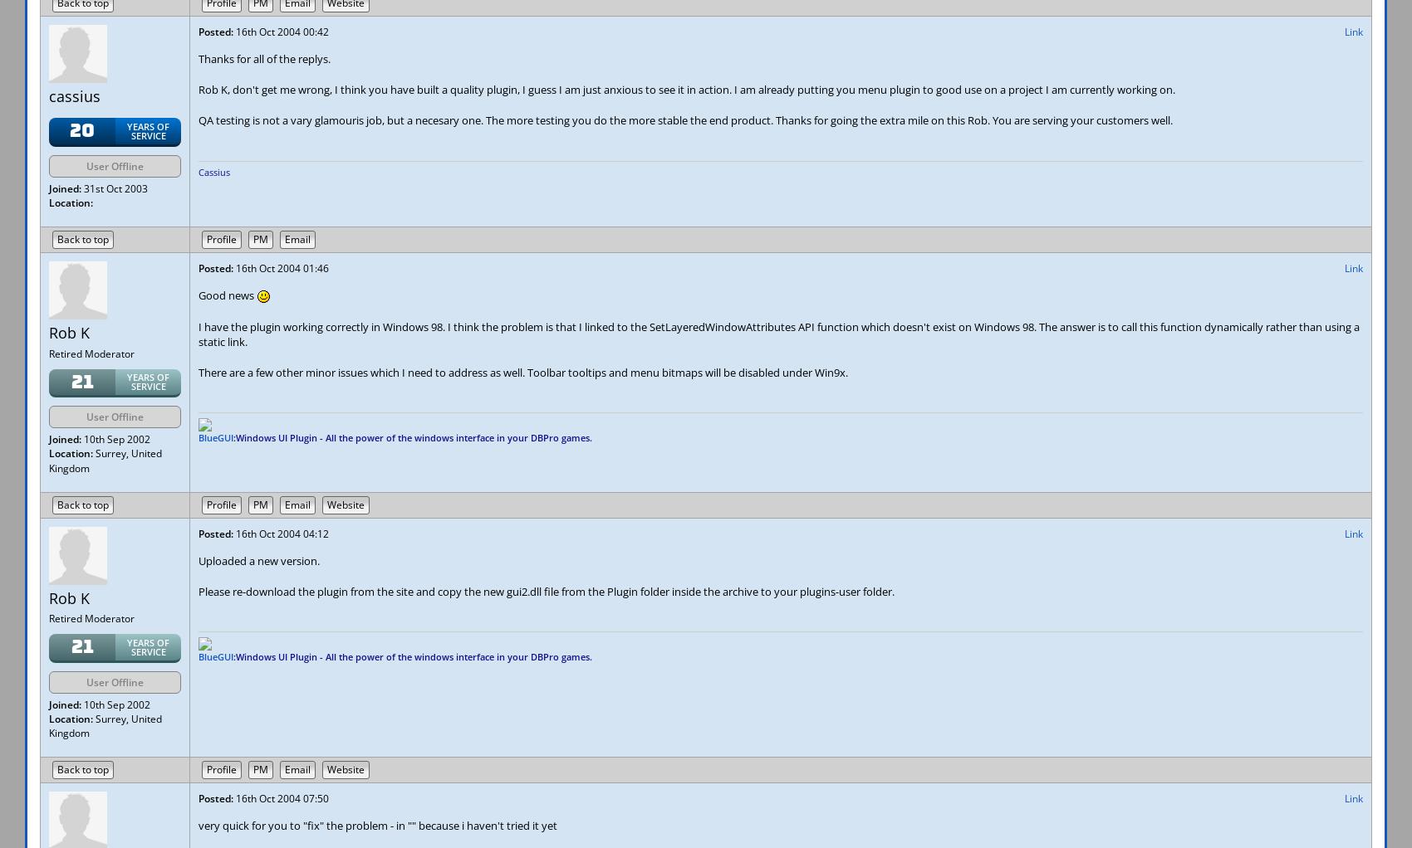 This screenshot has height=848, width=1412. Describe the element at coordinates (199, 59) in the screenshot. I see `'Thanks for all of the replys.'` at that location.